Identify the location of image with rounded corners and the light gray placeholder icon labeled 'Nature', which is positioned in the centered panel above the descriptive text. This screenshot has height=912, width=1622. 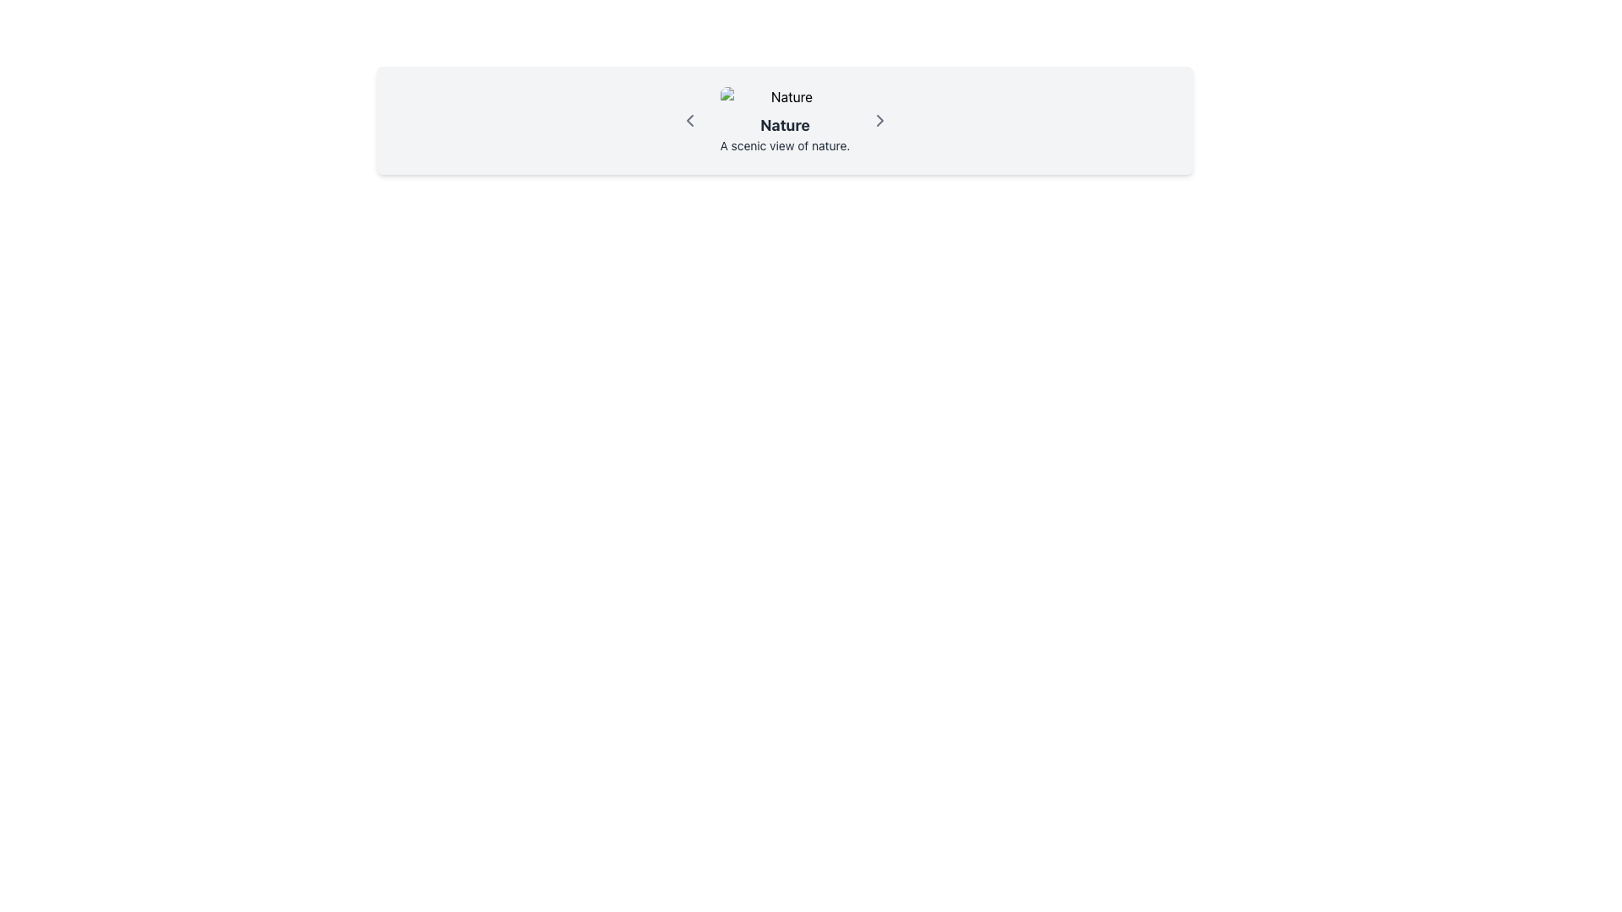
(784, 97).